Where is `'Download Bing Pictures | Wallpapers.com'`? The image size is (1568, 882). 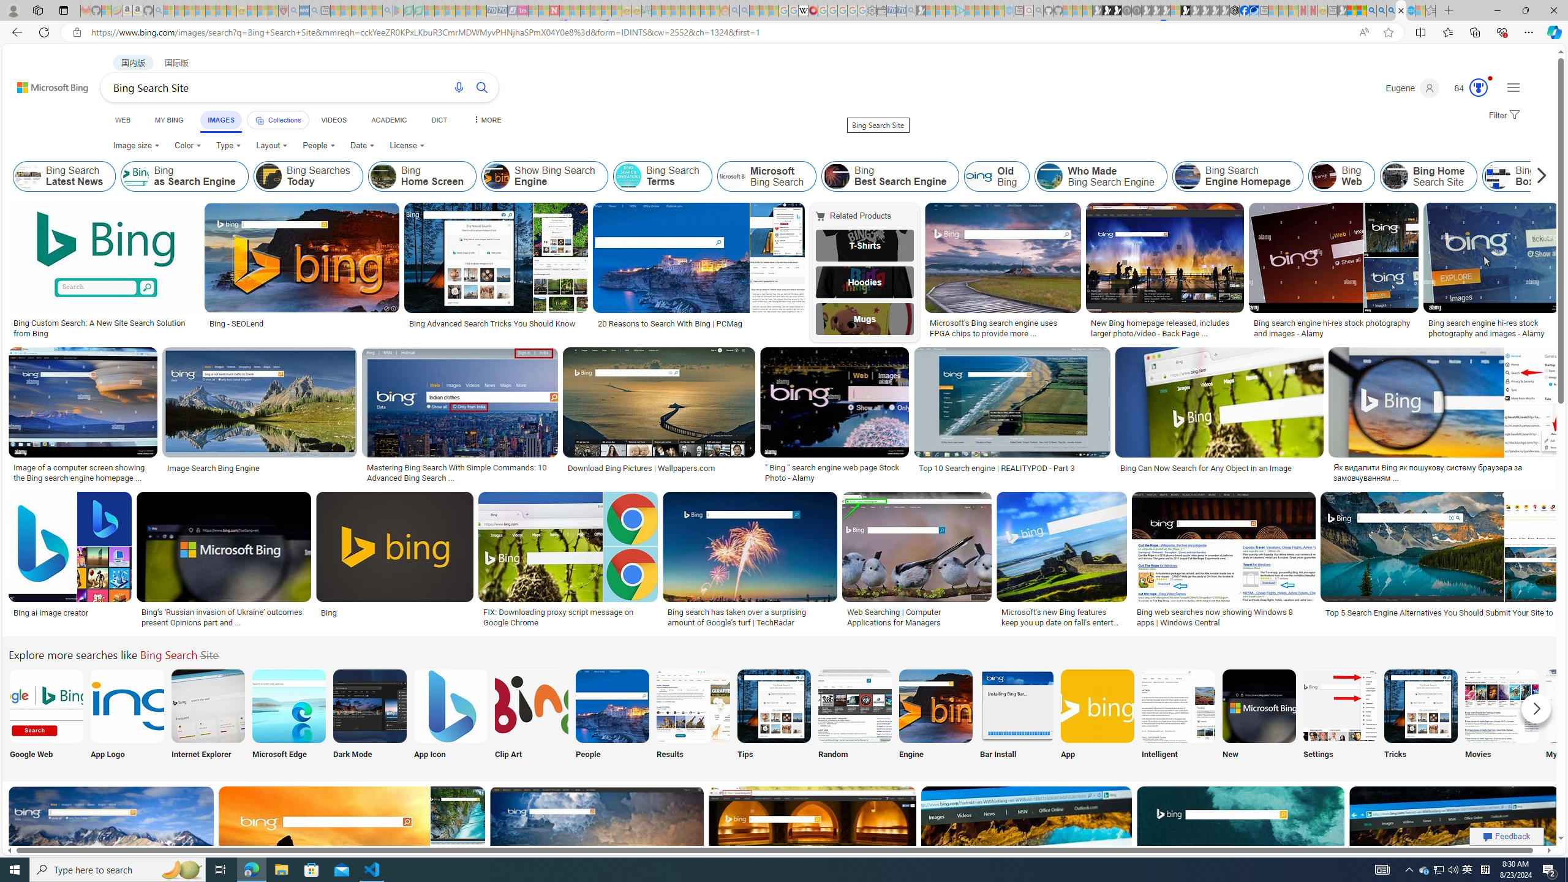 'Download Bing Pictures | Wallpapers.com' is located at coordinates (641, 467).